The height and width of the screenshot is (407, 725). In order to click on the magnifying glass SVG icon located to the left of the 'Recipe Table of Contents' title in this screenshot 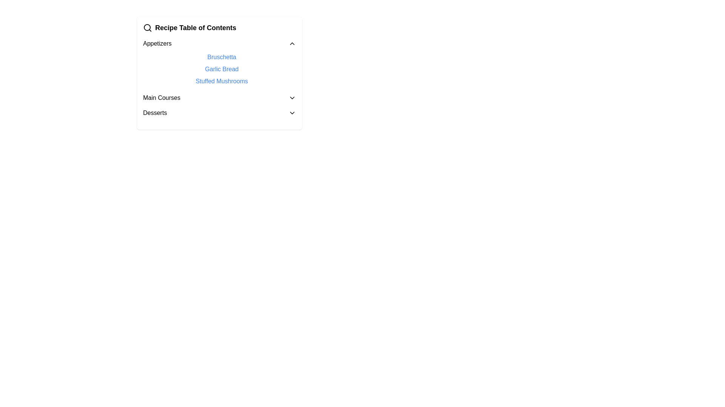, I will do `click(147, 27)`.